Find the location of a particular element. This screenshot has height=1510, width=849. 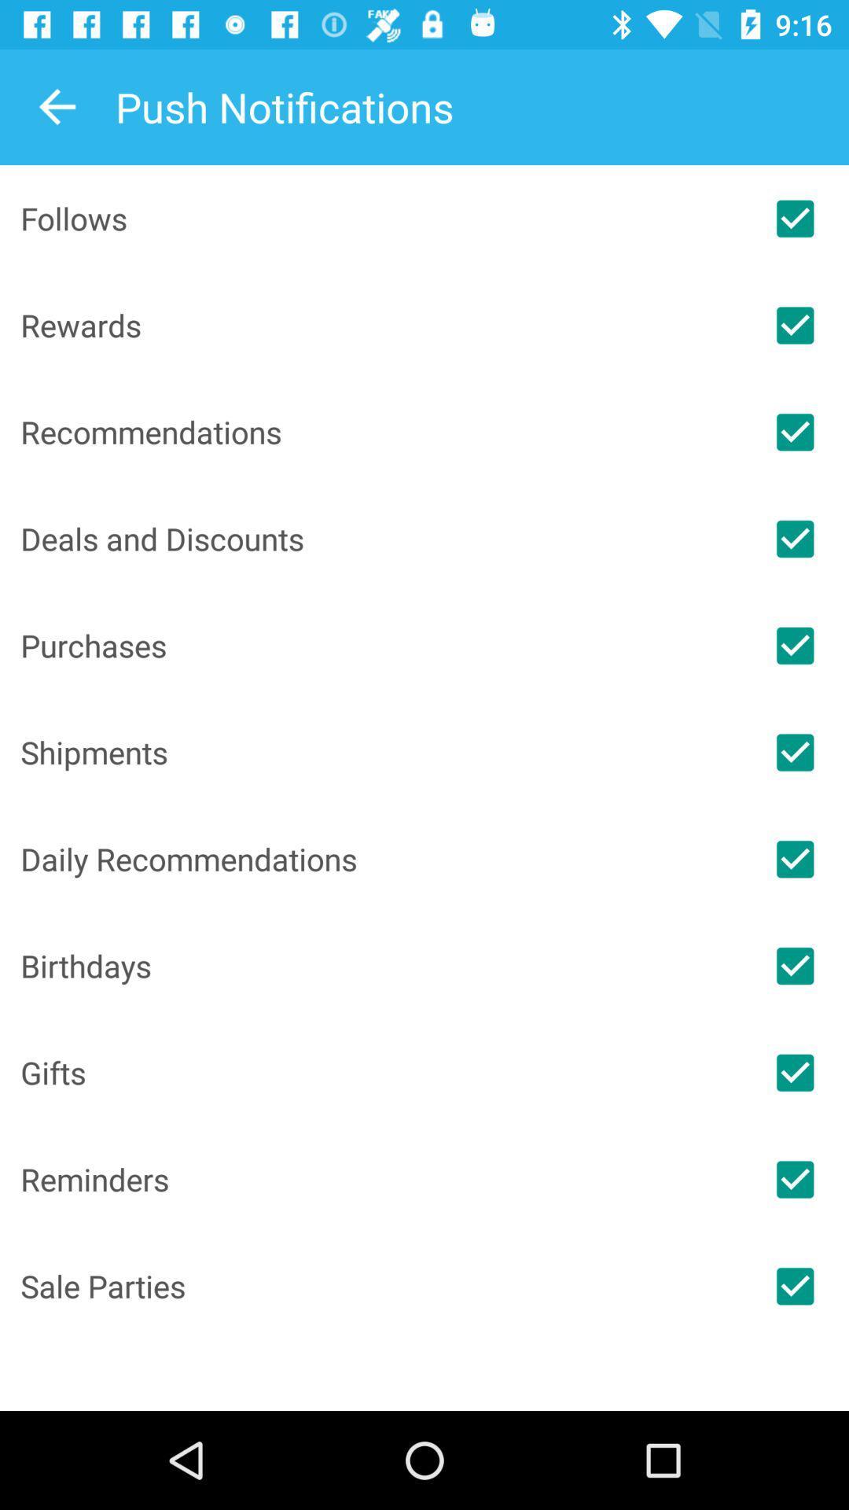

deselect notification type is located at coordinates (795, 324).